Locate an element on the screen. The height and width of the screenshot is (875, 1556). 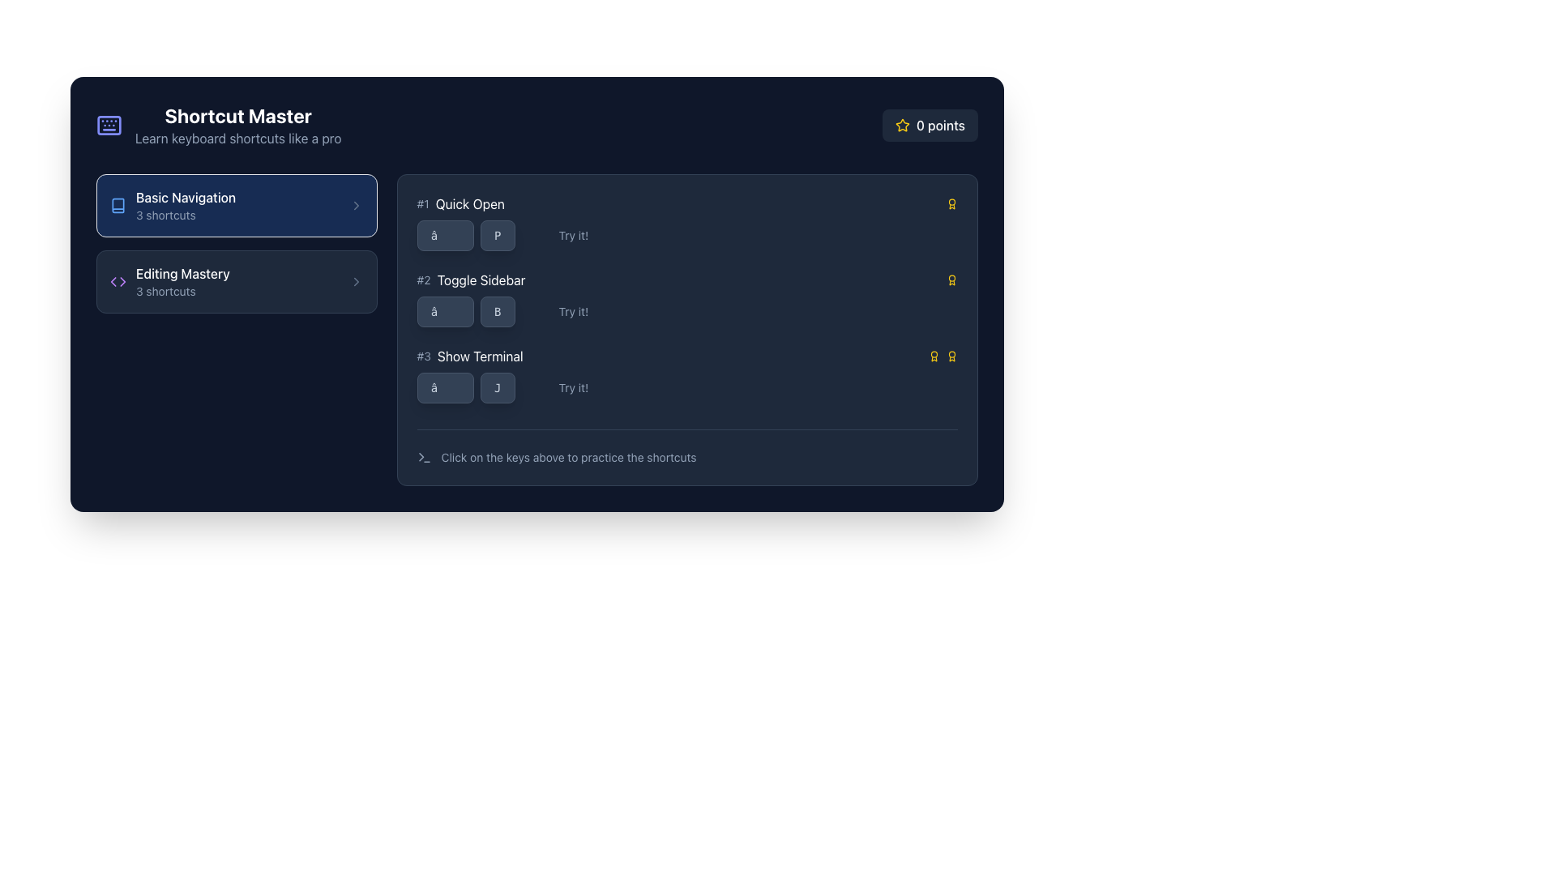
the text label element displaying '#2', which is styled with a grayish hue and positioned to the left of 'Toggle Sidebar' is located at coordinates (424, 280).